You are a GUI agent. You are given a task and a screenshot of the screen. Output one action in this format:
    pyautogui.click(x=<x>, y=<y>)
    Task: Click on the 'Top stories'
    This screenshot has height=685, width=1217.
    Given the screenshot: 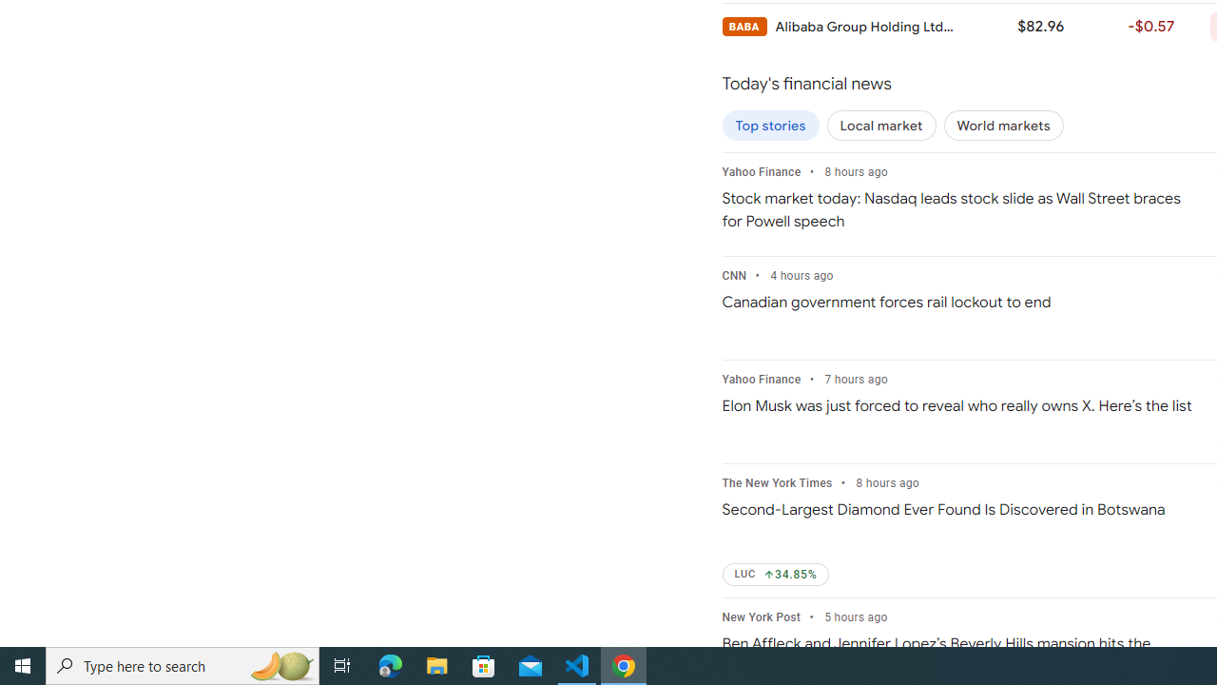 What is the action you would take?
    pyautogui.click(x=770, y=126)
    